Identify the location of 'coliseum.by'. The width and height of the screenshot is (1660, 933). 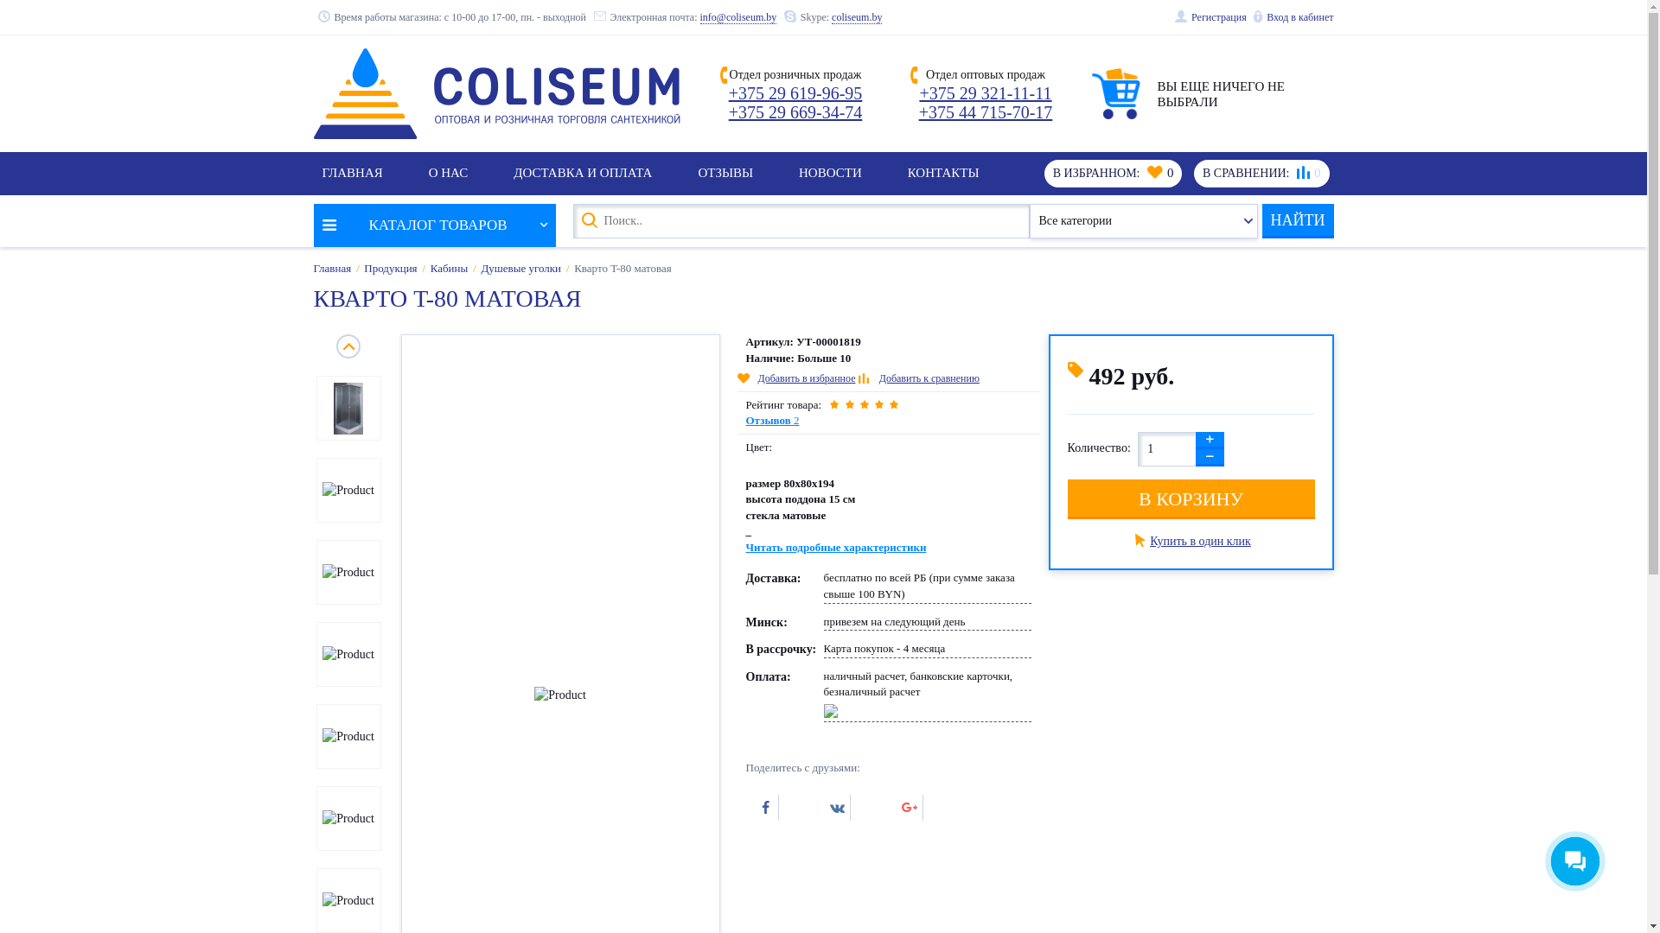
(856, 17).